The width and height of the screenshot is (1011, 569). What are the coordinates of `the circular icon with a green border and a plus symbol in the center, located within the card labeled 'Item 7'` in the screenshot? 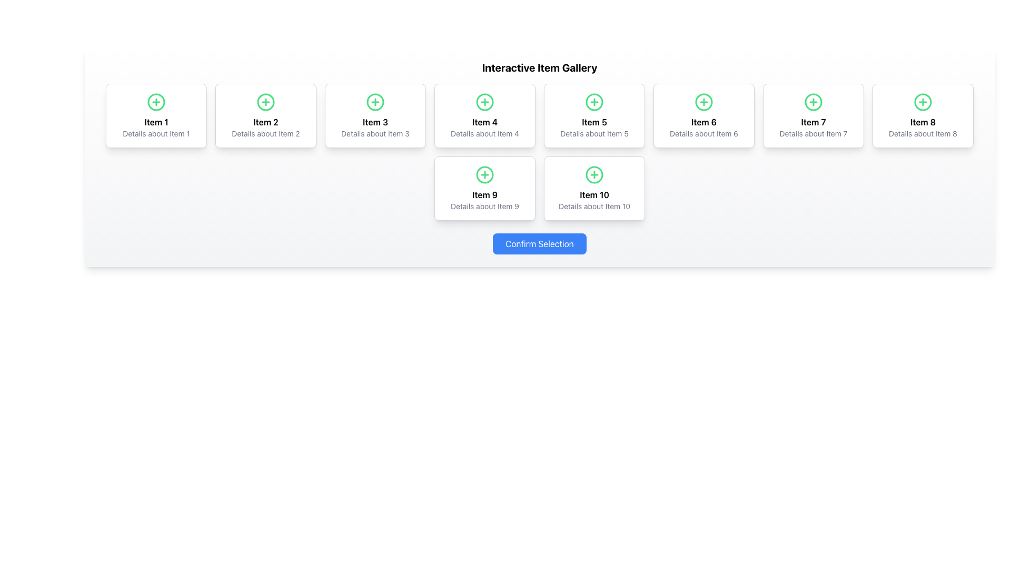 It's located at (813, 102).